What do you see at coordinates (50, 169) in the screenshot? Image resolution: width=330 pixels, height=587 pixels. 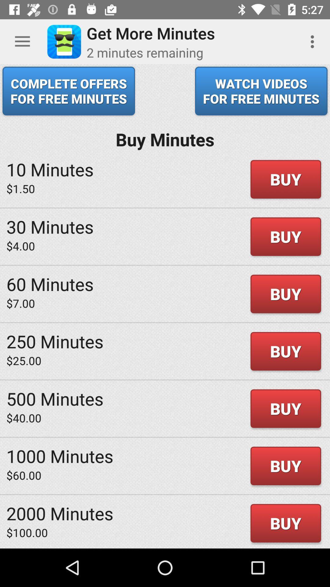 I see `icon next to the buy icon` at bounding box center [50, 169].